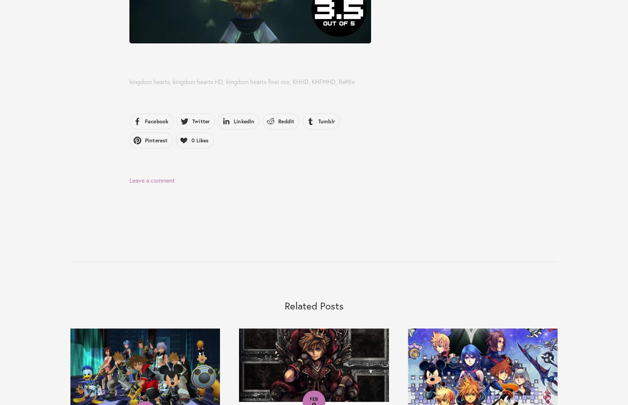 Image resolution: width=628 pixels, height=405 pixels. What do you see at coordinates (309, 399) in the screenshot?
I see `'Feb'` at bounding box center [309, 399].